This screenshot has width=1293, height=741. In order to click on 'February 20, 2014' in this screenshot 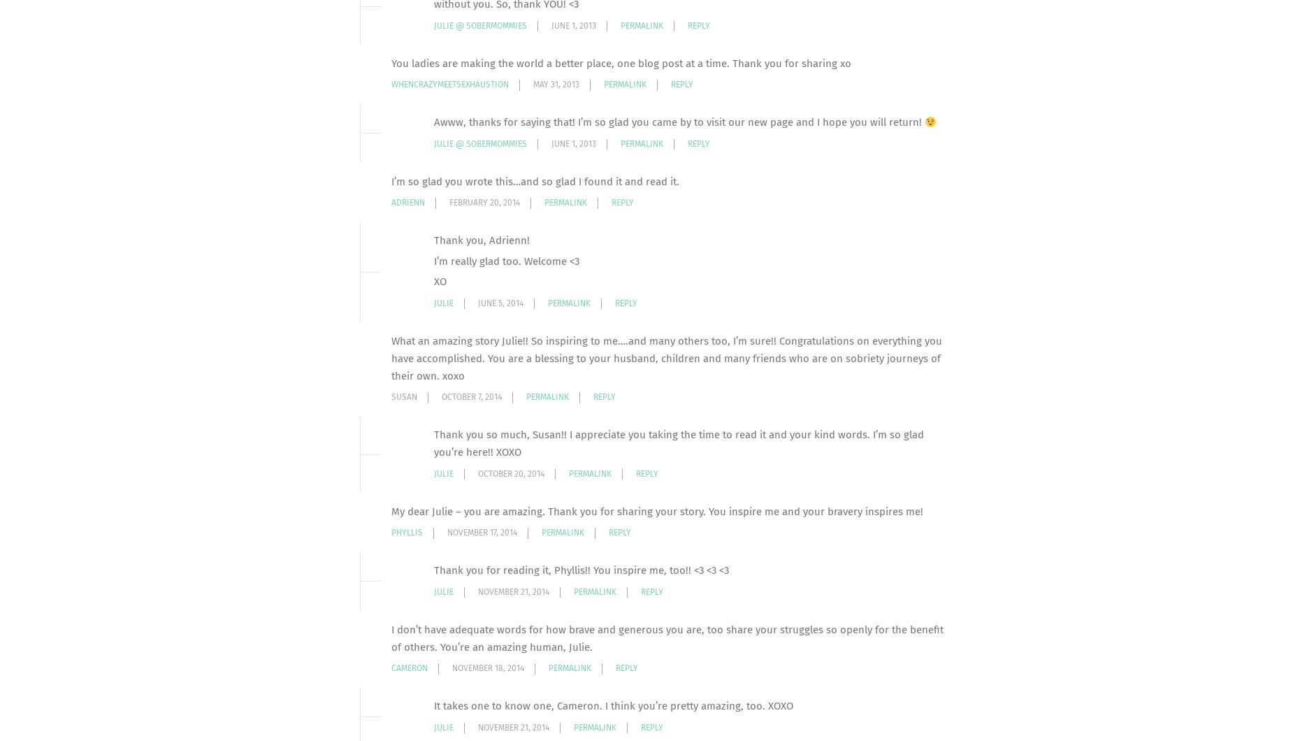, I will do `click(484, 203)`.